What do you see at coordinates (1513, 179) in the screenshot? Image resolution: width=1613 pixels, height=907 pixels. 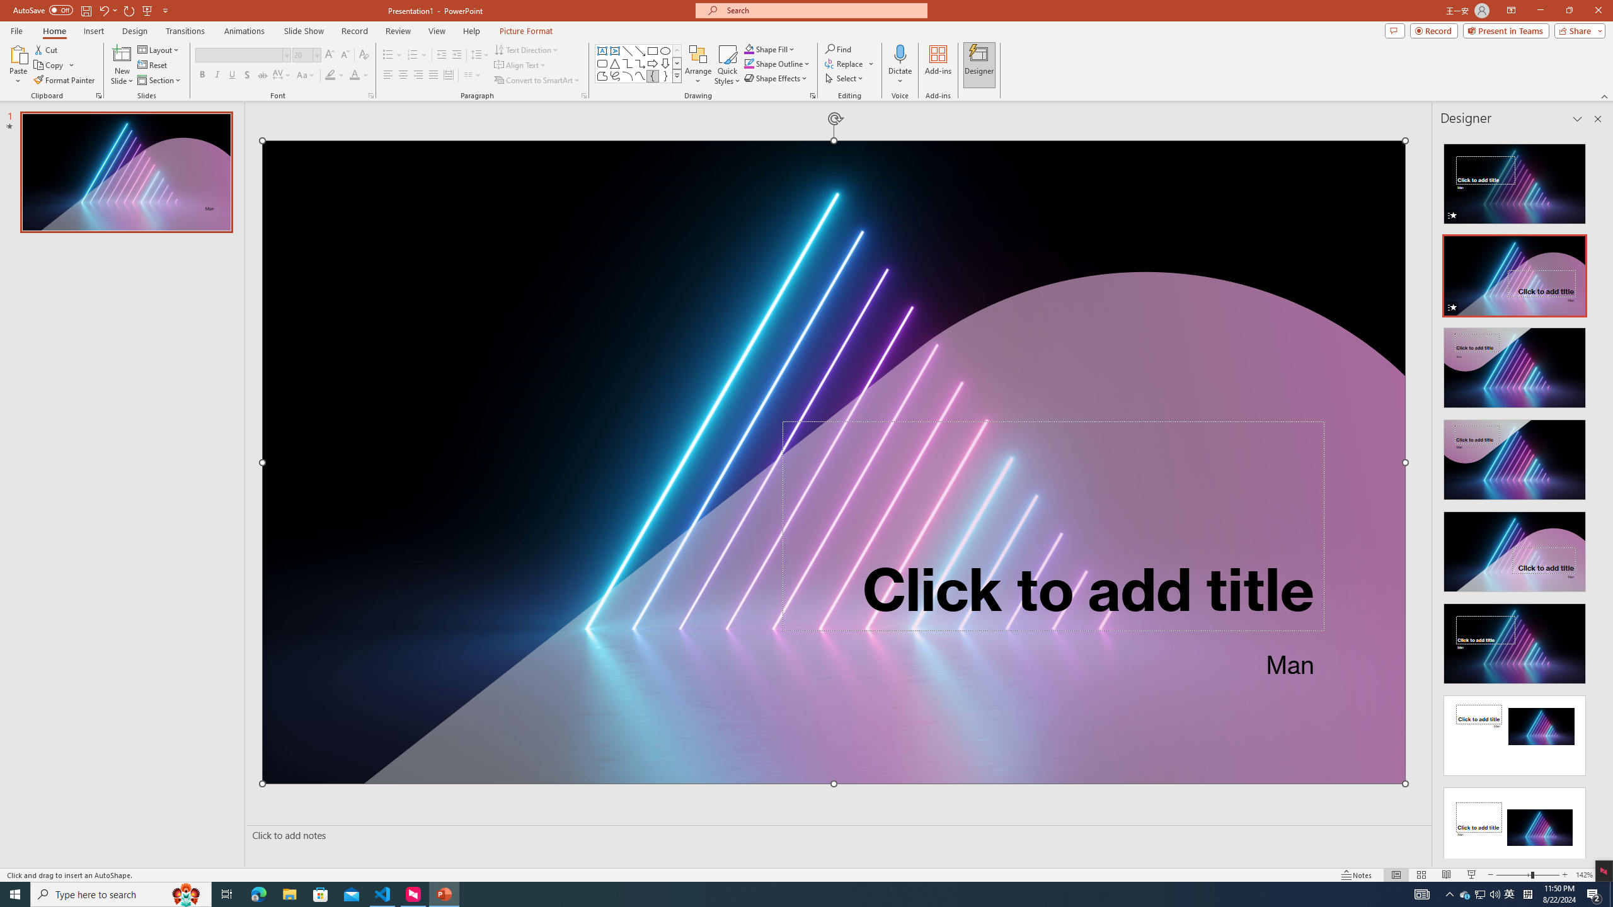 I see `'Recommended Design: Animation'` at bounding box center [1513, 179].